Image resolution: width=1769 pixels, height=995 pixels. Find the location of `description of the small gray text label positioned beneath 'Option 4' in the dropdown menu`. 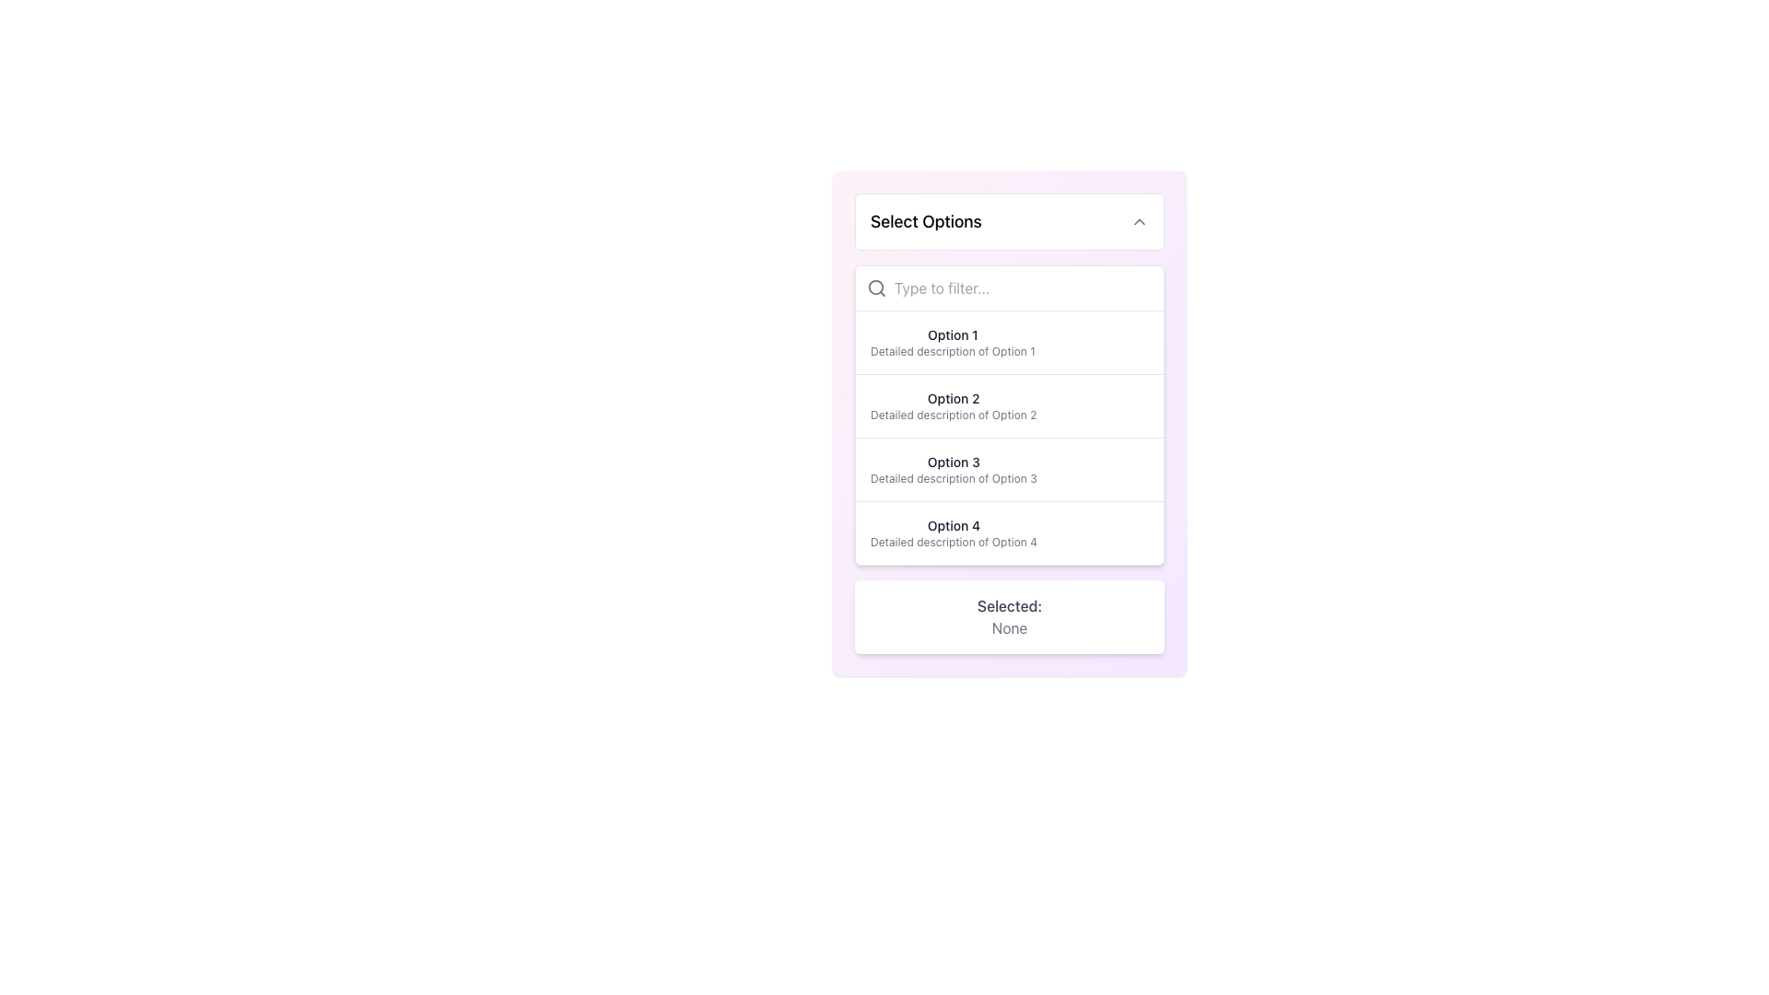

description of the small gray text label positioned beneath 'Option 4' in the dropdown menu is located at coordinates (954, 542).